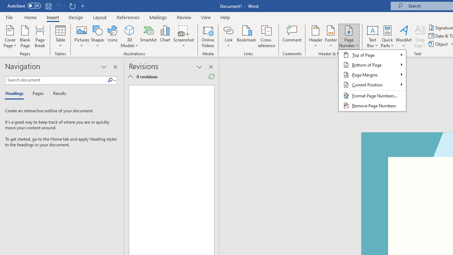 Image resolution: width=453 pixels, height=255 pixels. Describe the element at coordinates (372, 36) in the screenshot. I see `'Text Box'` at that location.